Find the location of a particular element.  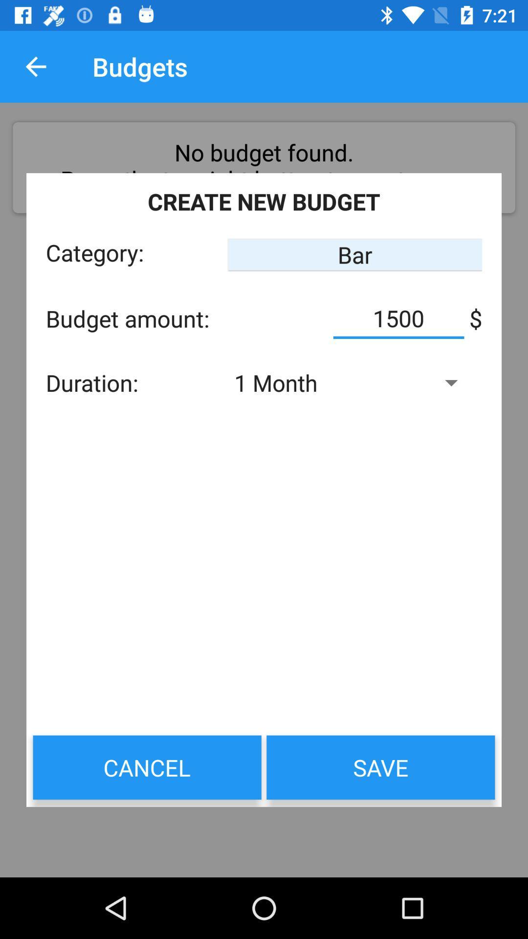

save at the bottom right corner is located at coordinates (380, 767).